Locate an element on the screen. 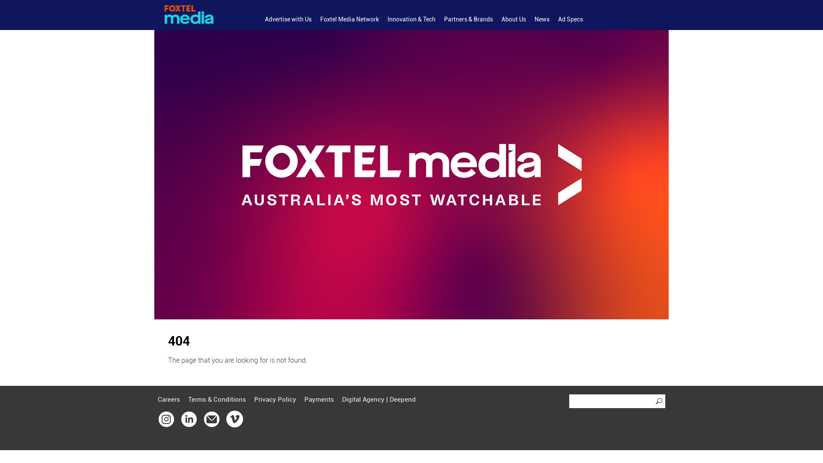 The height and width of the screenshot is (463, 823). 'News' is located at coordinates (541, 19).